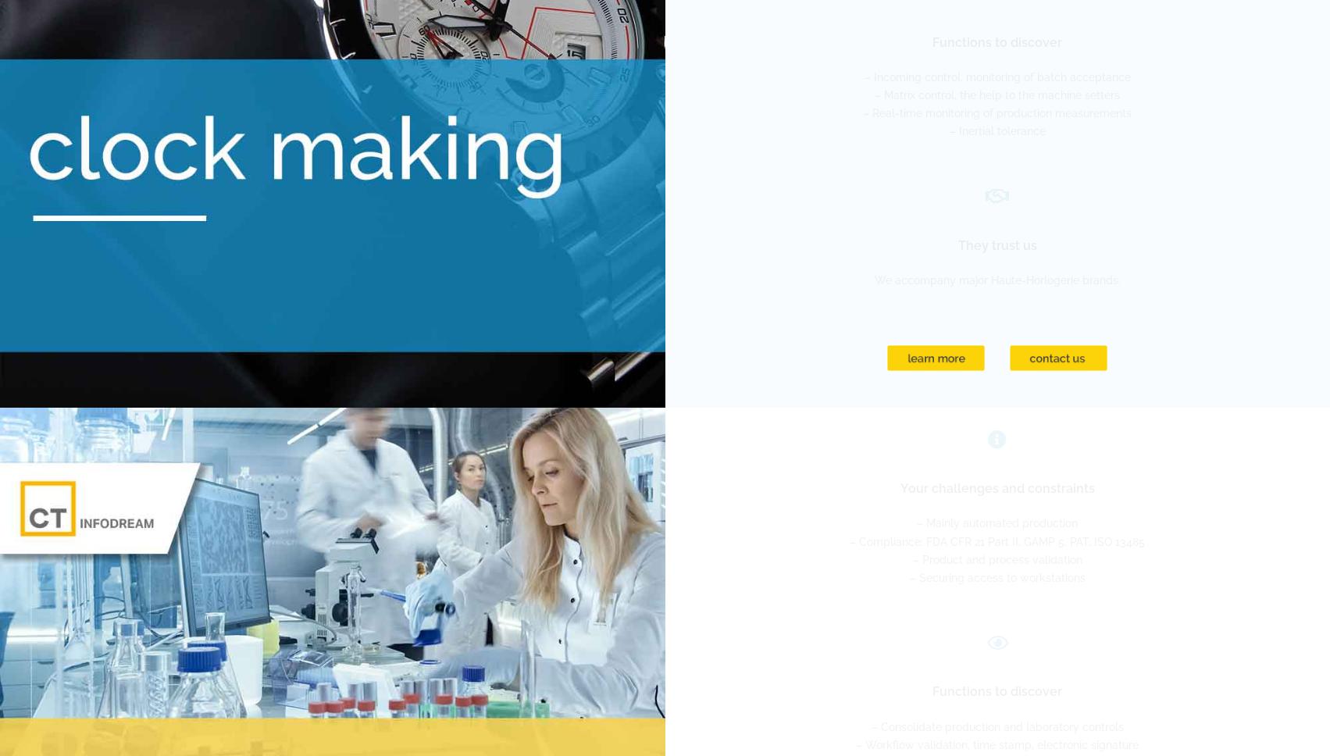 Image resolution: width=1330 pixels, height=756 pixels. I want to click on '– Matrix control, the help to the machine setters', so click(997, 94).